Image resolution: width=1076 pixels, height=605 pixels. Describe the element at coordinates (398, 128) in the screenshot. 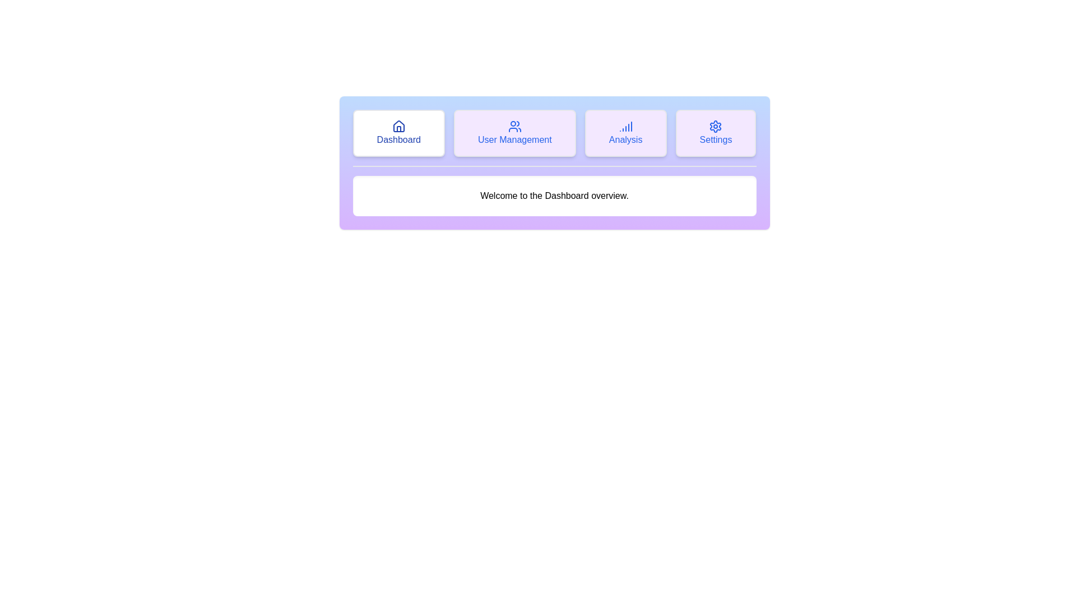

I see `the vertical rectangular section of the house-shaped icon located in the navigation bar within the 'Dashboard' section` at that location.